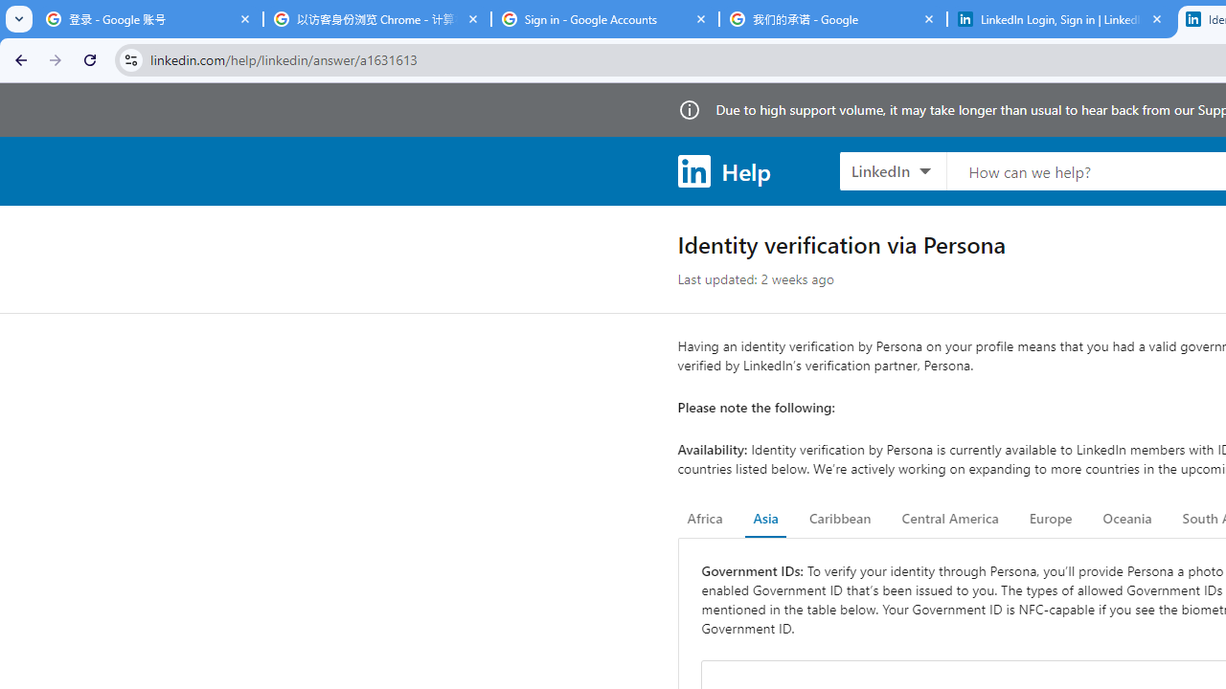  What do you see at coordinates (1126, 519) in the screenshot?
I see `'Oceania'` at bounding box center [1126, 519].